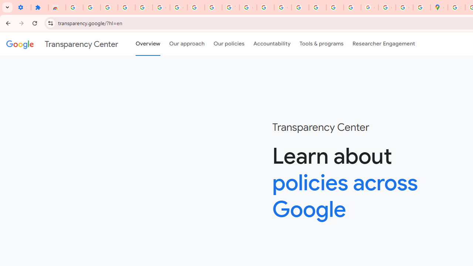  Describe the element at coordinates (187, 44) in the screenshot. I see `'Our approach'` at that location.